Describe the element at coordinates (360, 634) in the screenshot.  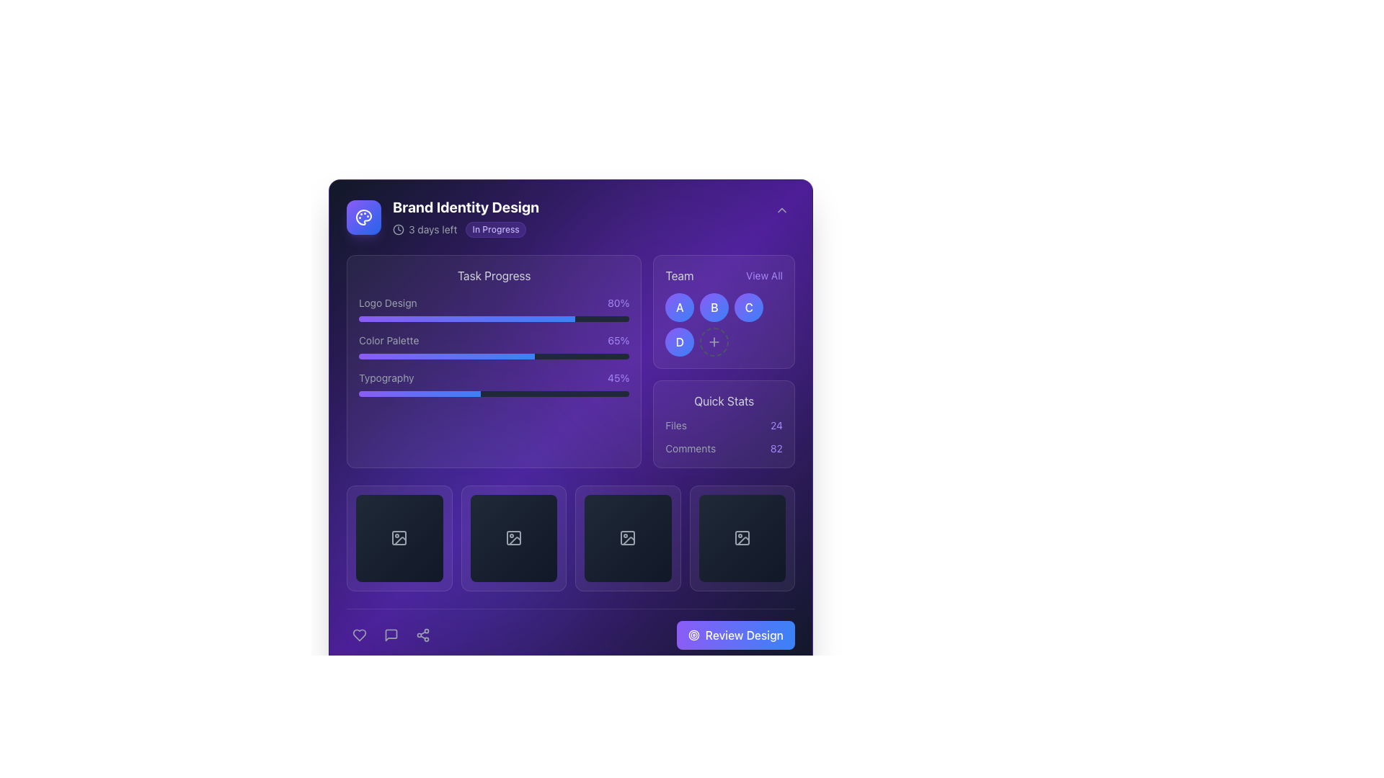
I see `the heart-shaped icon with a hollow interior located at the bottom left corner of the interface, positioned to the left of a speech bubble icon` at that location.